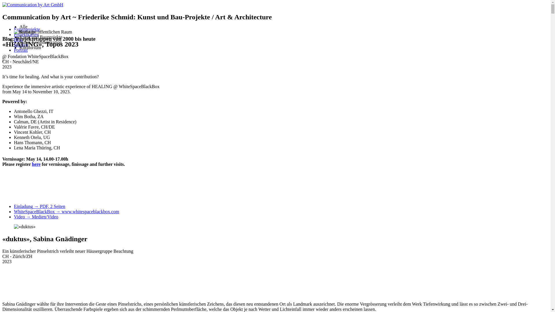 This screenshot has width=555, height=312. Describe the element at coordinates (26, 34) in the screenshot. I see `'Projektkarten'` at that location.